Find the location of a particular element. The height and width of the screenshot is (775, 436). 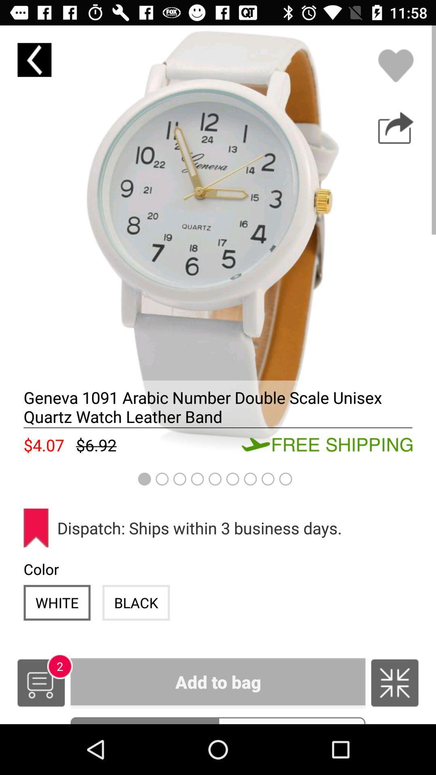

icon next to the add to bag is located at coordinates (394, 682).